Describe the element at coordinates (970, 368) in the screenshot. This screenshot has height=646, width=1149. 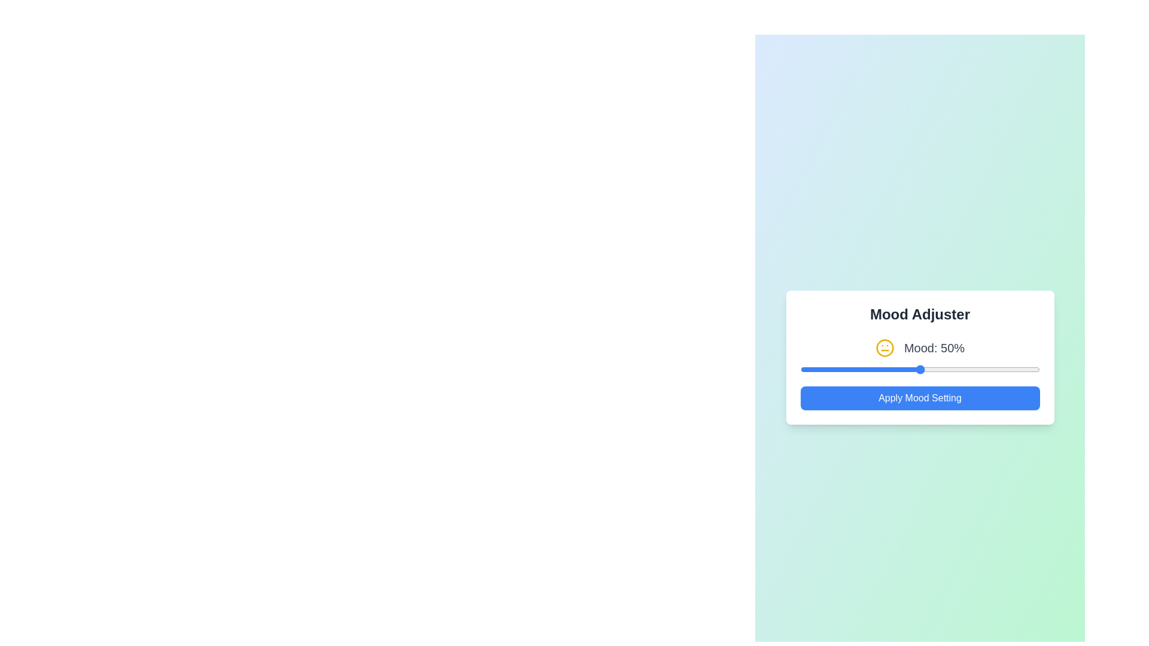
I see `the mood slider to set the mood value to 71%` at that location.